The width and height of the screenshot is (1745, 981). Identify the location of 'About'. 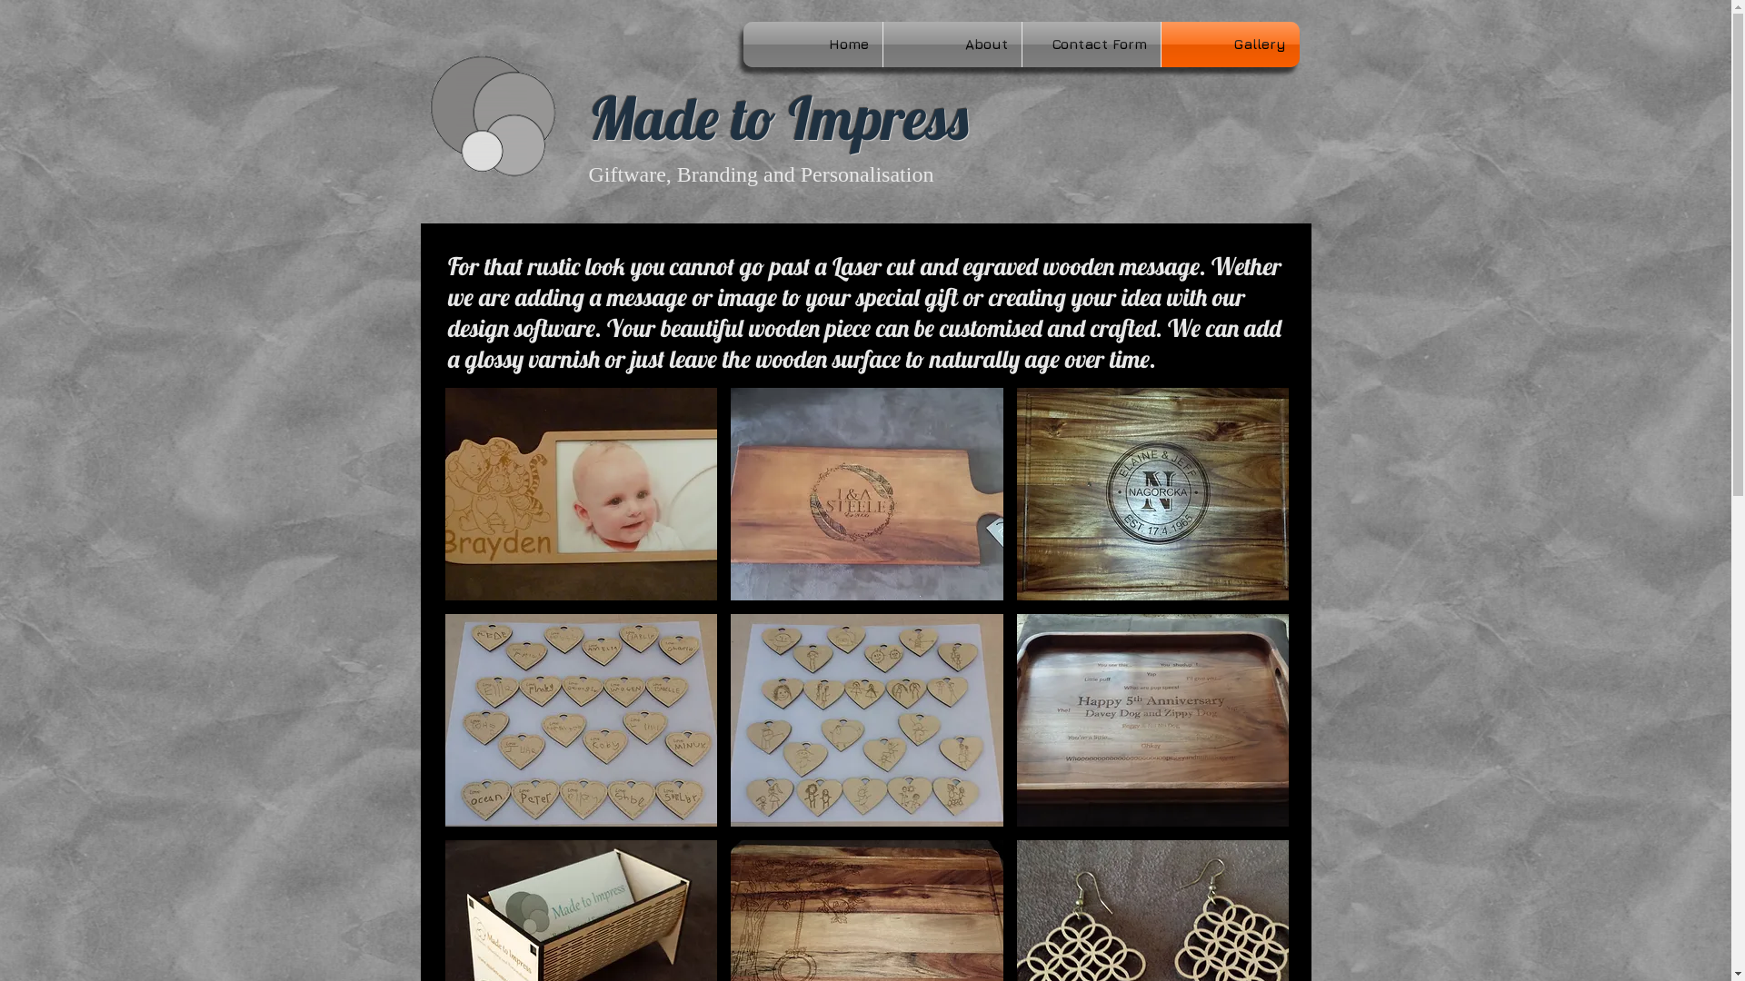
(882, 44).